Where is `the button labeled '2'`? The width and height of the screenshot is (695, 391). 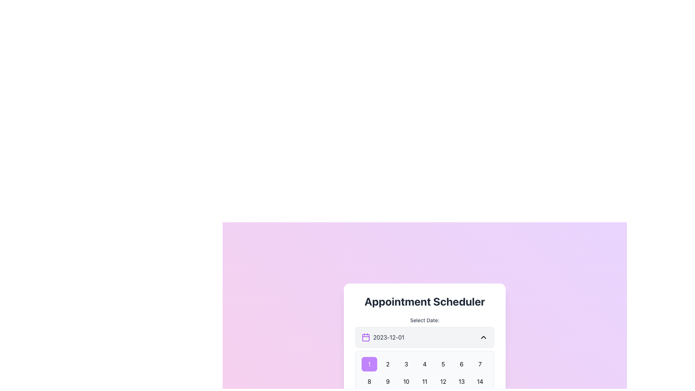 the button labeled '2' is located at coordinates (387, 364).